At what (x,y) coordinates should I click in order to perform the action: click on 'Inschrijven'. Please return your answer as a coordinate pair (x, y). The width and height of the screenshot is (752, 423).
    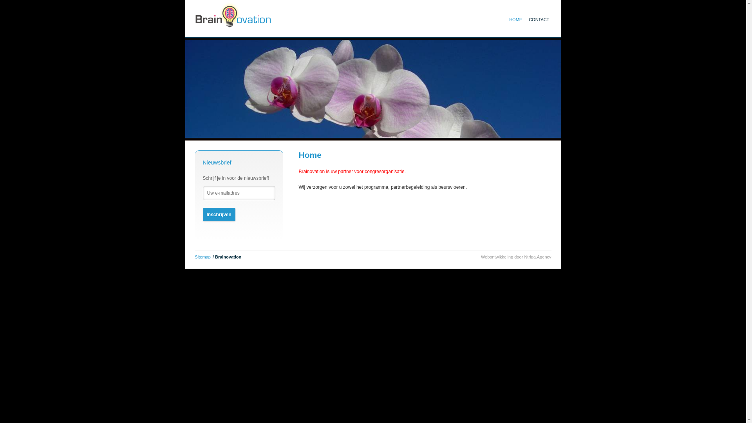
    Looking at the image, I should click on (203, 214).